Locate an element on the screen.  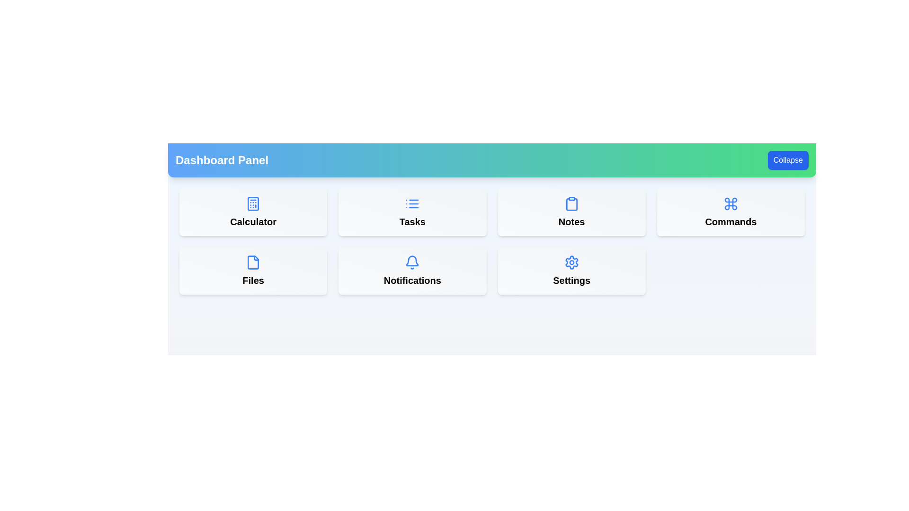
the menu item labeled Notes is located at coordinates (571, 211).